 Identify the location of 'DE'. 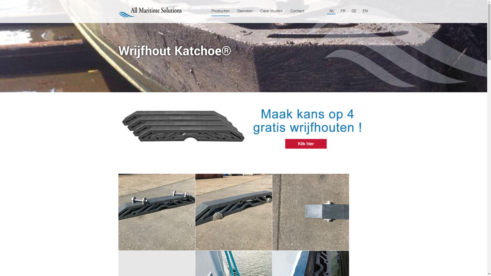
(354, 11).